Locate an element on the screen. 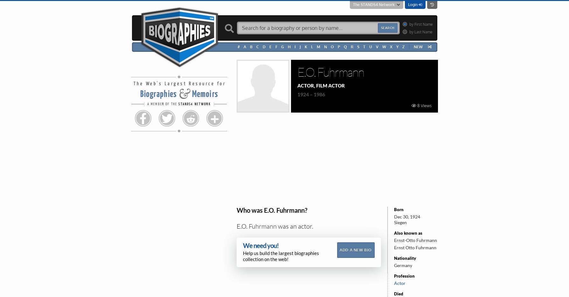 This screenshot has width=569, height=297. 'NEW' is located at coordinates (413, 47).